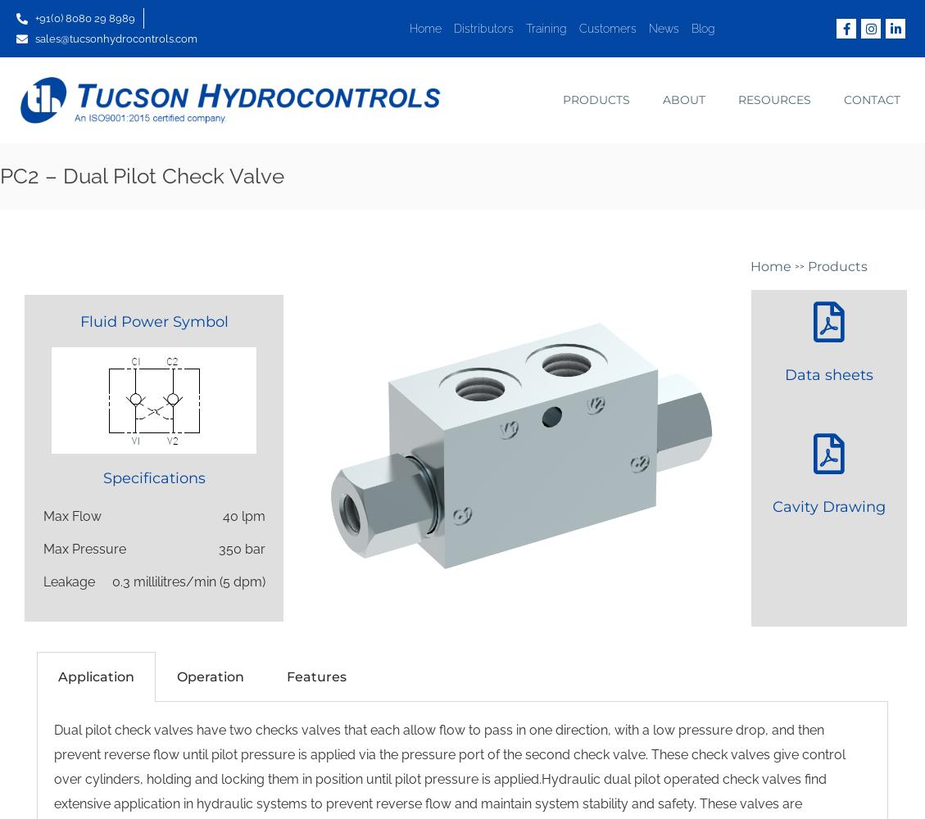  What do you see at coordinates (42, 516) in the screenshot?
I see `'Max Flow'` at bounding box center [42, 516].